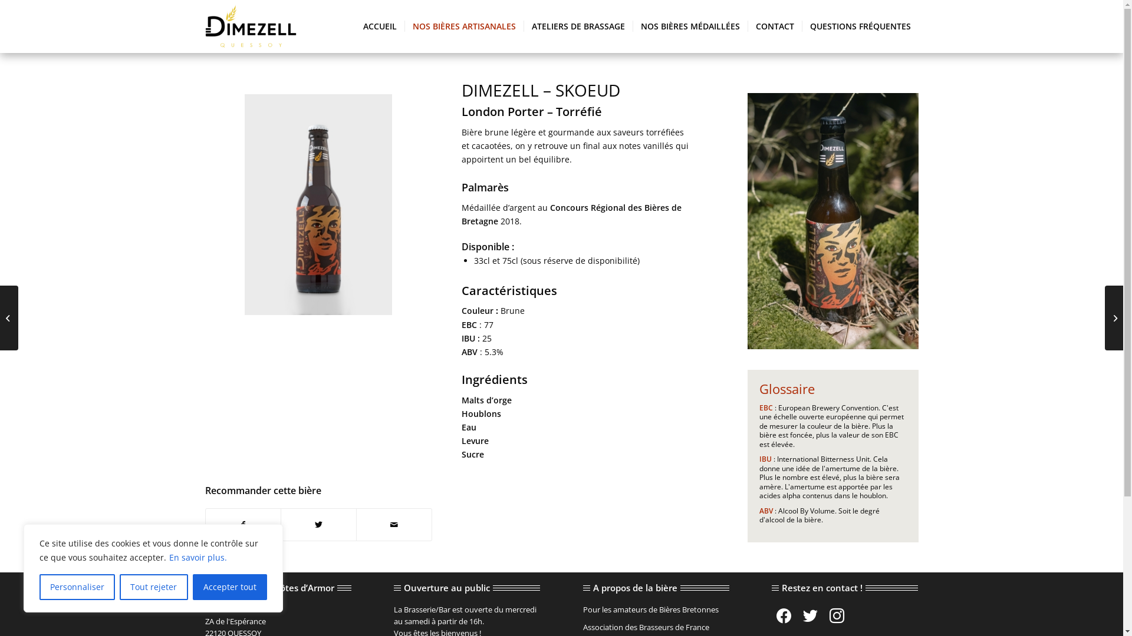 Image resolution: width=1132 pixels, height=636 pixels. I want to click on 'Association des Brasseurs de France', so click(583, 627).